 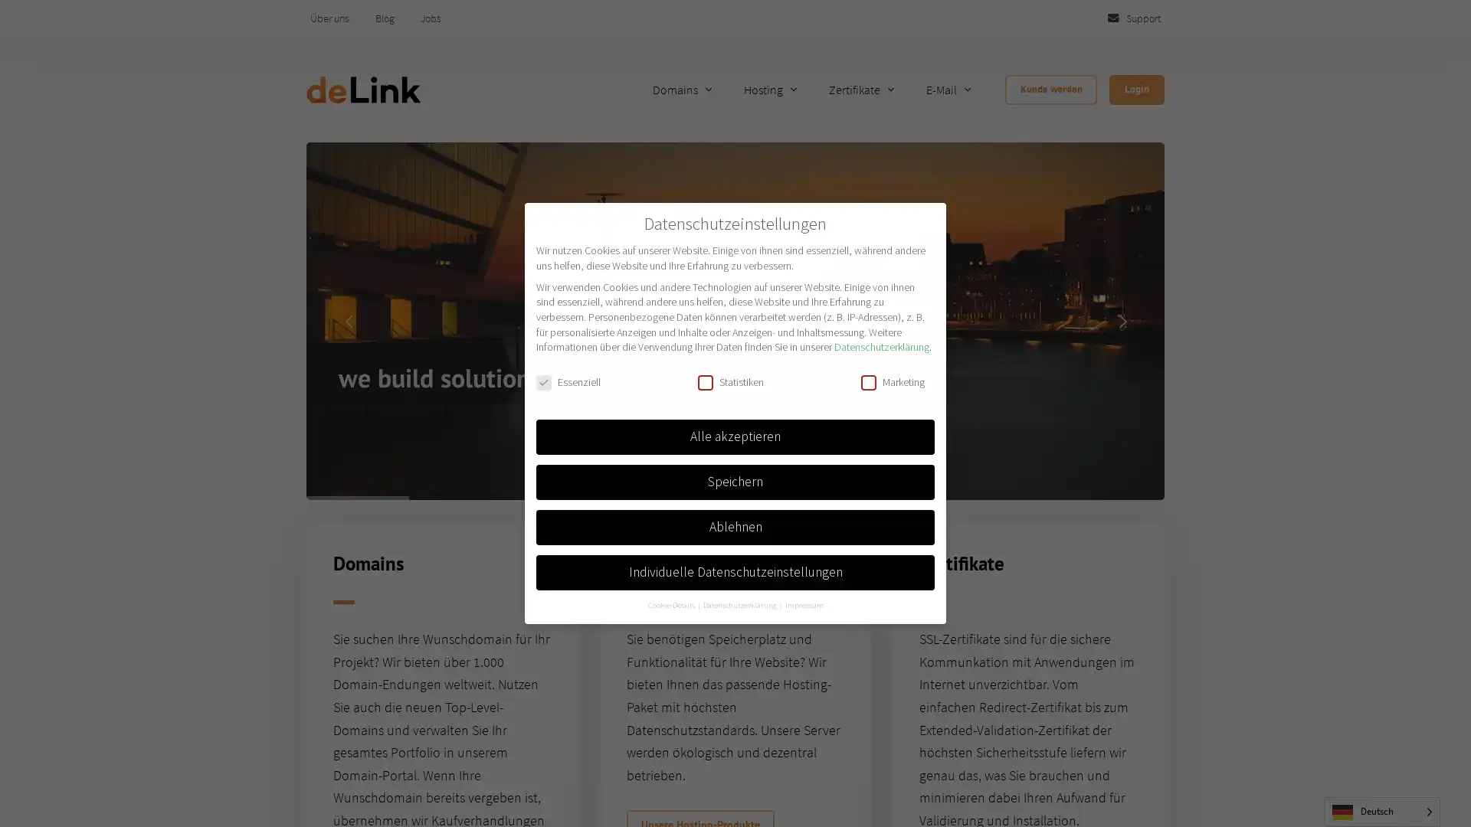 What do you see at coordinates (735, 480) in the screenshot?
I see `Speichern` at bounding box center [735, 480].